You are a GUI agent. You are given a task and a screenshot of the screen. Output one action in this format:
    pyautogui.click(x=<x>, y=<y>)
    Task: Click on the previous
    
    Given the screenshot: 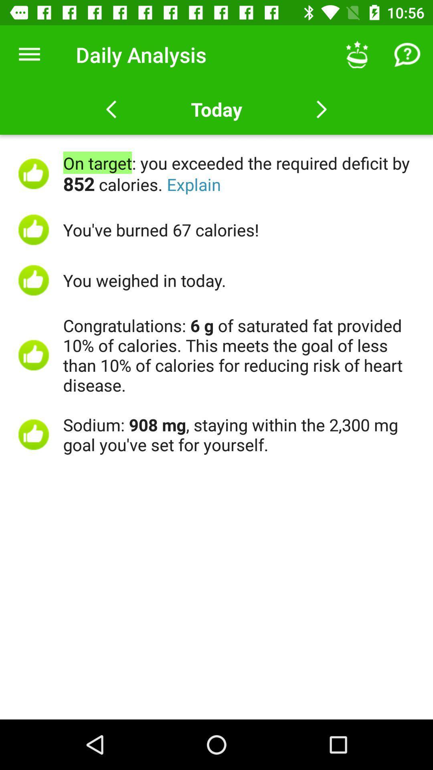 What is the action you would take?
    pyautogui.click(x=111, y=109)
    